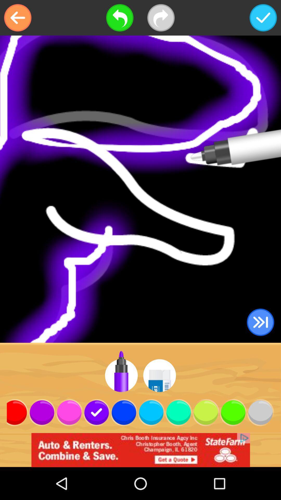 This screenshot has height=500, width=281. I want to click on the arrow_backward icon, so click(17, 18).